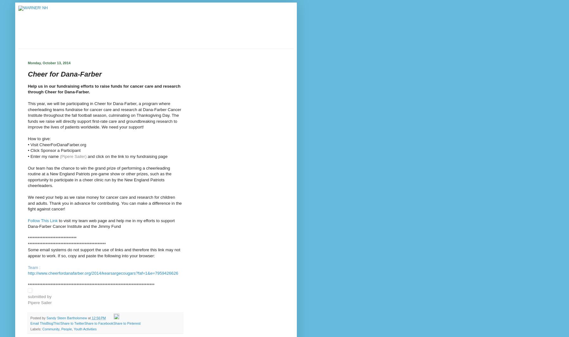 This screenshot has width=569, height=337. I want to click on 'http://www.cheerfordanafarber.', so click(56, 273).